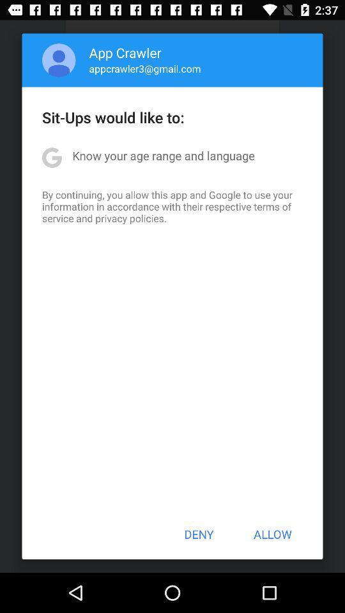 The image size is (345, 613). What do you see at coordinates (164, 155) in the screenshot?
I see `the know your age app` at bounding box center [164, 155].